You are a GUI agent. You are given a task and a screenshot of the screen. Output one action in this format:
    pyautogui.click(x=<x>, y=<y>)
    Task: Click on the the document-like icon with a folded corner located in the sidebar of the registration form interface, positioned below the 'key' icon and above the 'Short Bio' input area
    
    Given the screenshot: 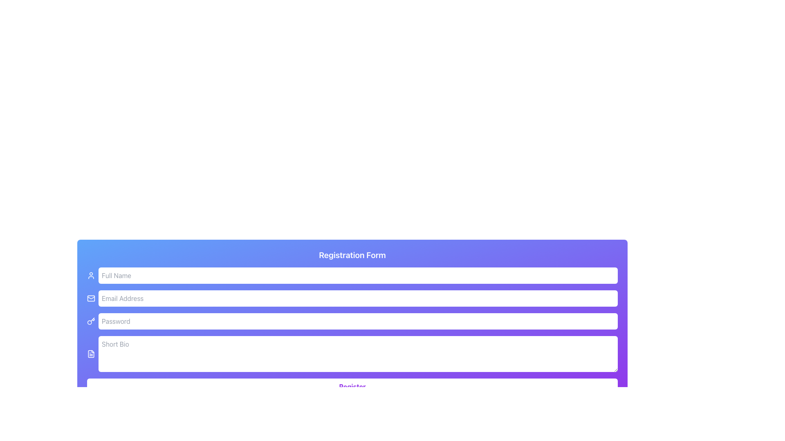 What is the action you would take?
    pyautogui.click(x=91, y=354)
    